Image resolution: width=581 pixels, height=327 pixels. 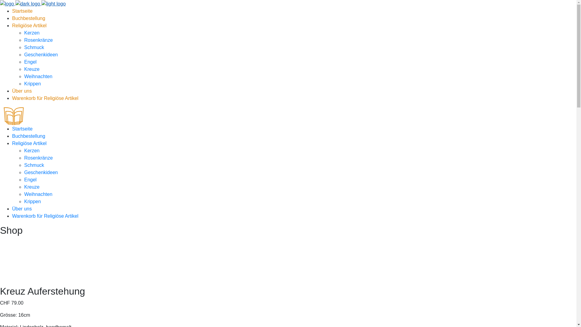 I want to click on 'Engel', so click(x=30, y=179).